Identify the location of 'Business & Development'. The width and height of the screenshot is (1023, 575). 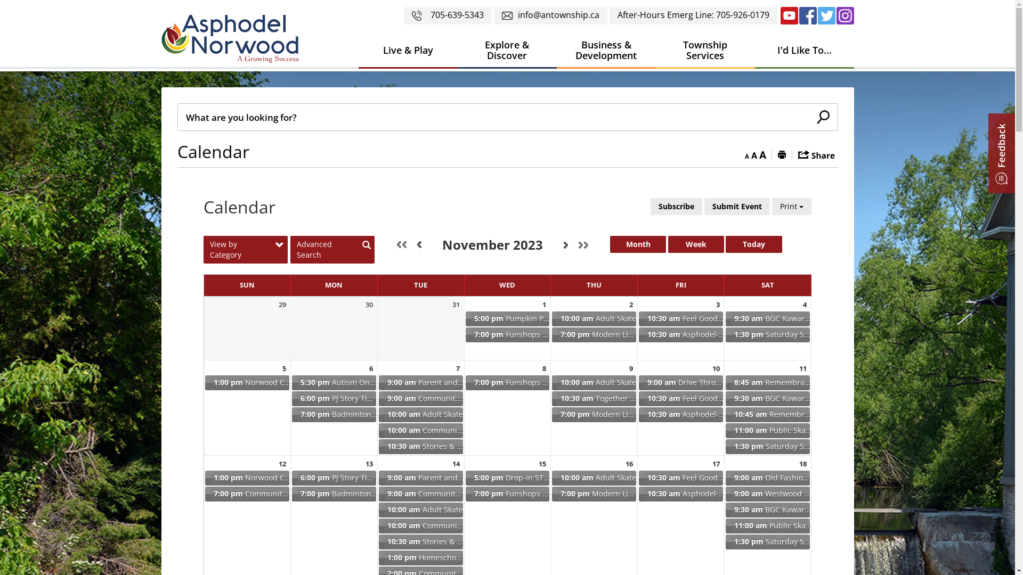
(606, 51).